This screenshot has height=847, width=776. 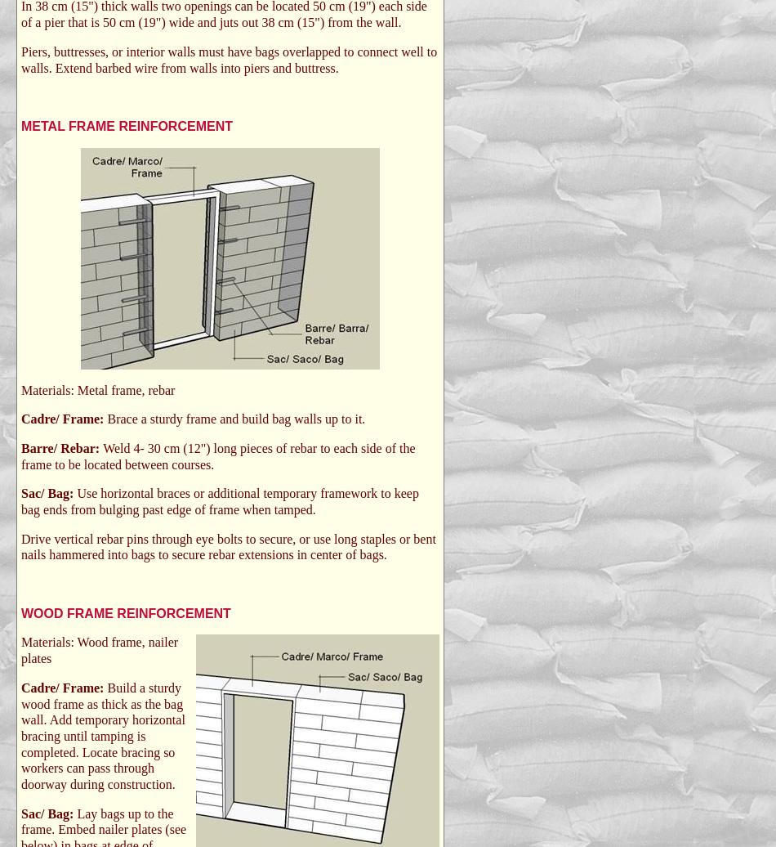 What do you see at coordinates (125, 612) in the screenshot?
I see `'WOOD FRAME REINFORCEMENT'` at bounding box center [125, 612].